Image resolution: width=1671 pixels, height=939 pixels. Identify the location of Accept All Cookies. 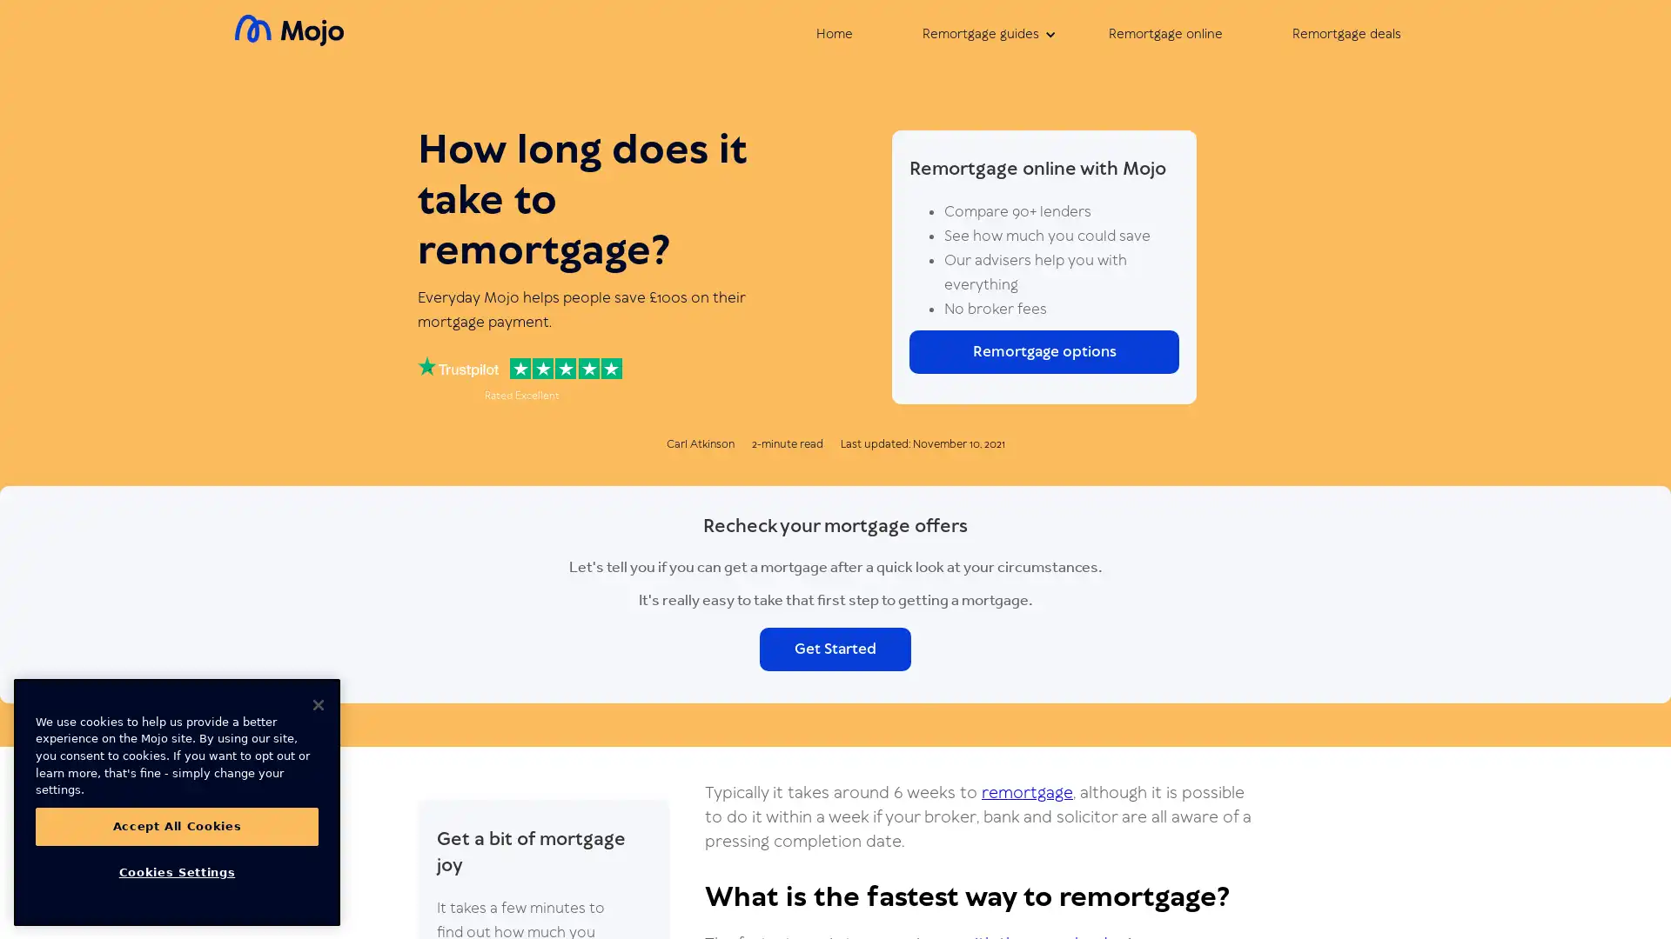
(177, 824).